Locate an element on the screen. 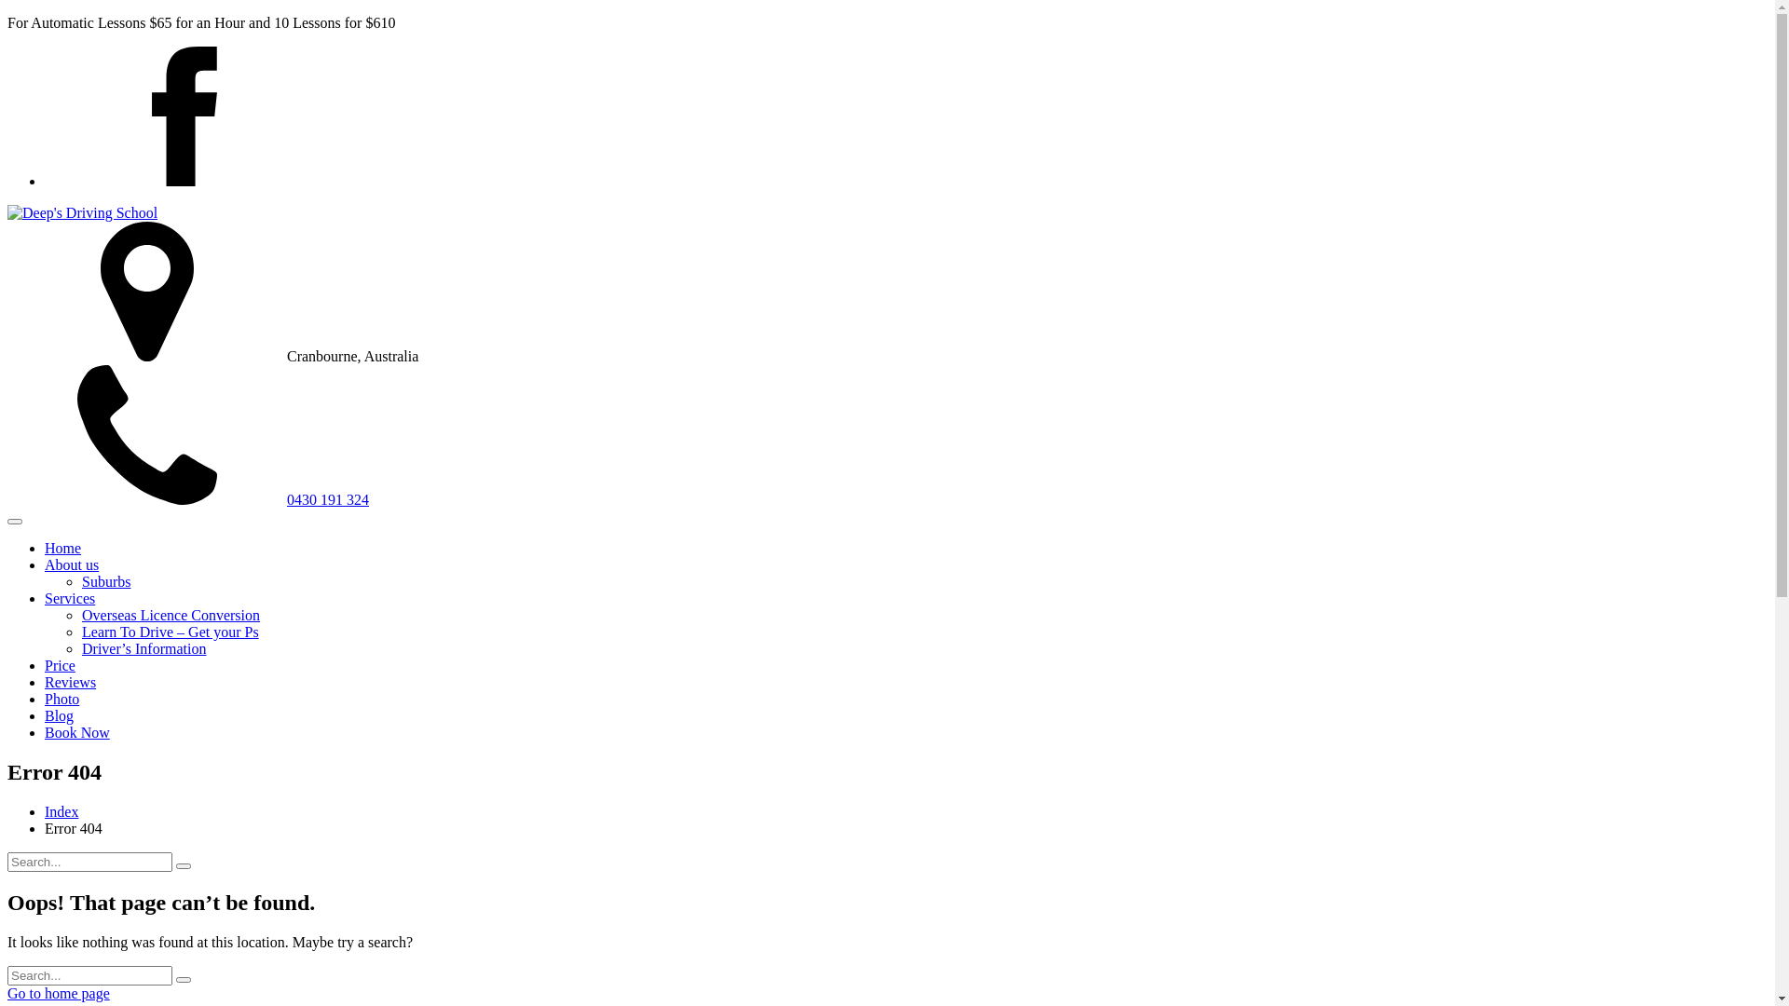  'Blog' is located at coordinates (59, 714).